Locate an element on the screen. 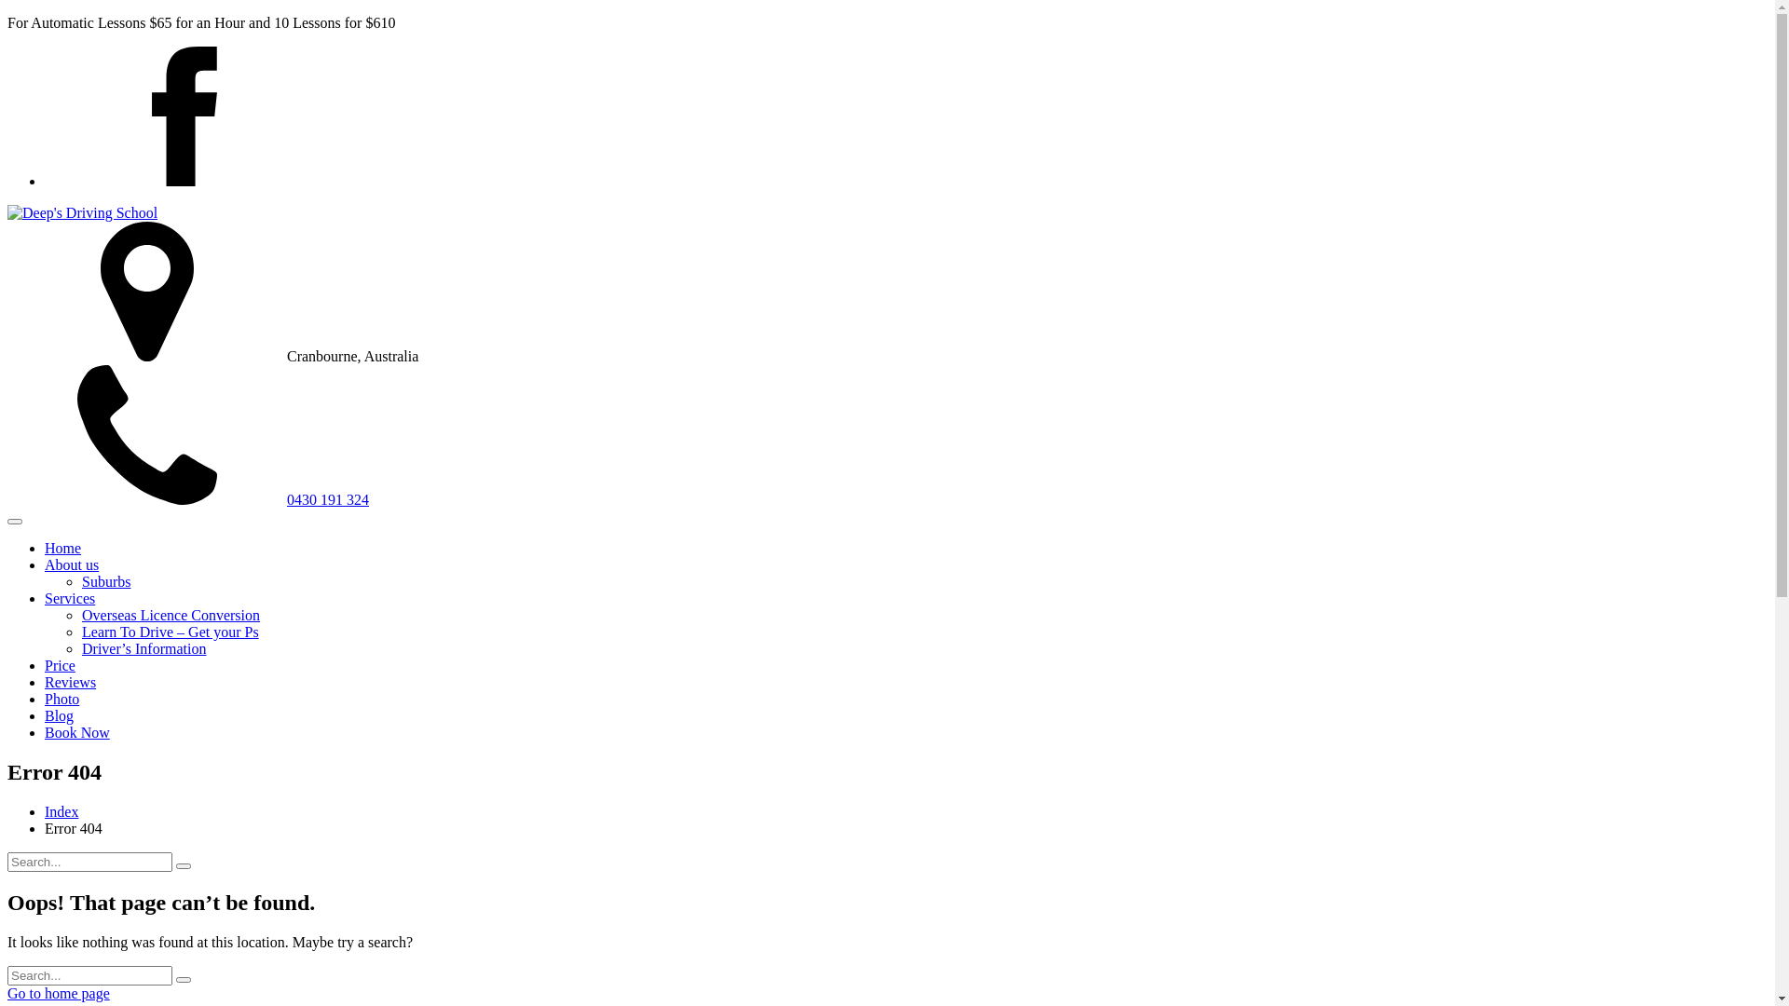  'Blog' is located at coordinates (59, 714).